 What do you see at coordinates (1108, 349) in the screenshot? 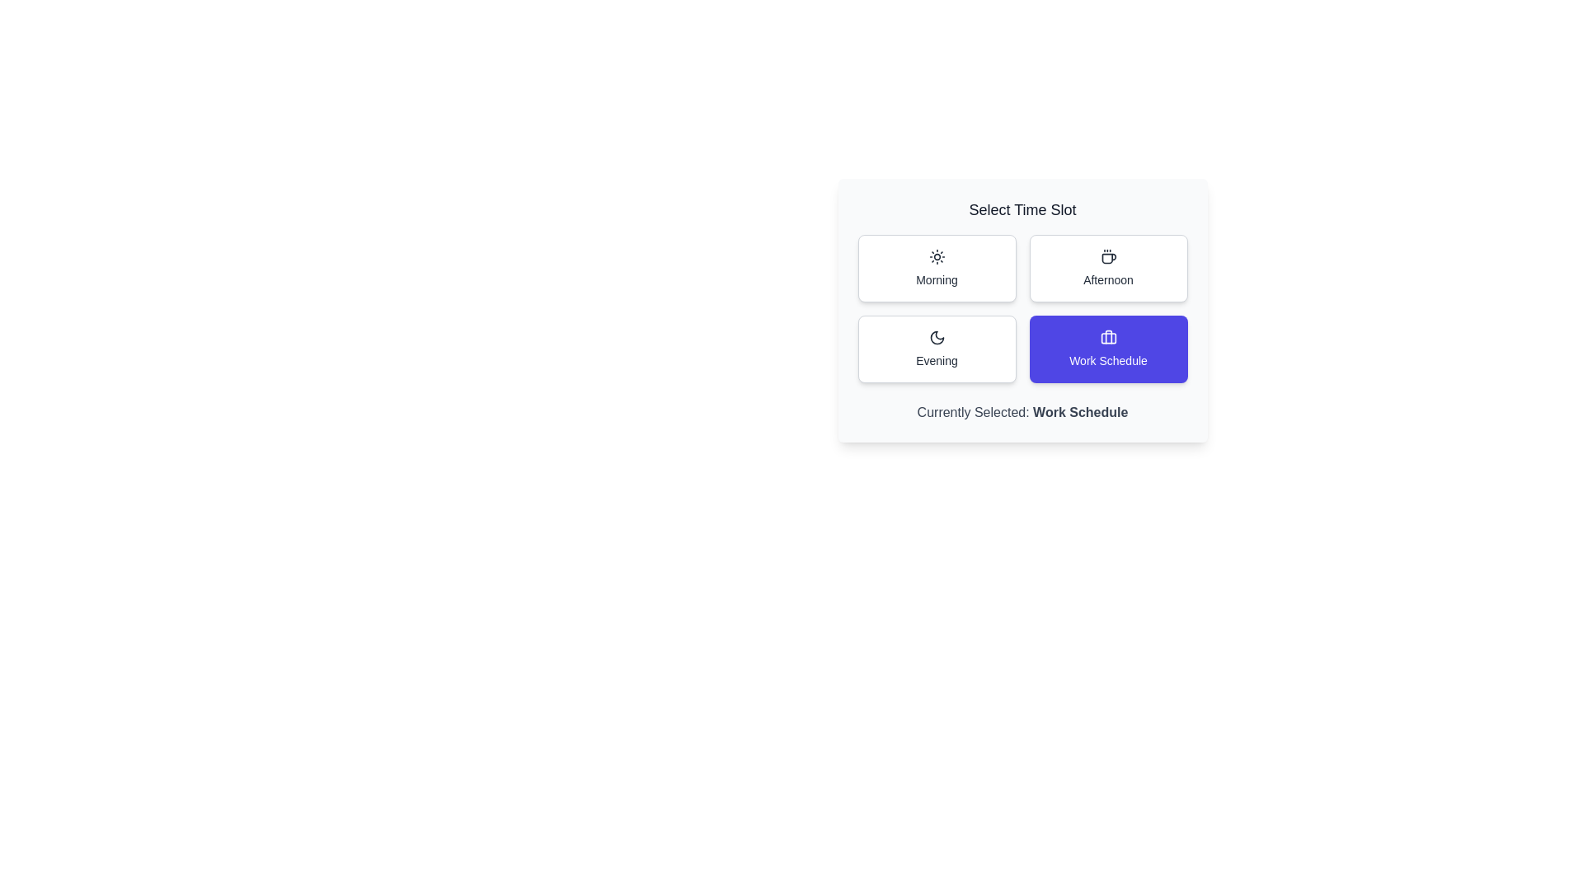
I see `the time slot by clicking on the button labeled Work Schedule` at bounding box center [1108, 349].